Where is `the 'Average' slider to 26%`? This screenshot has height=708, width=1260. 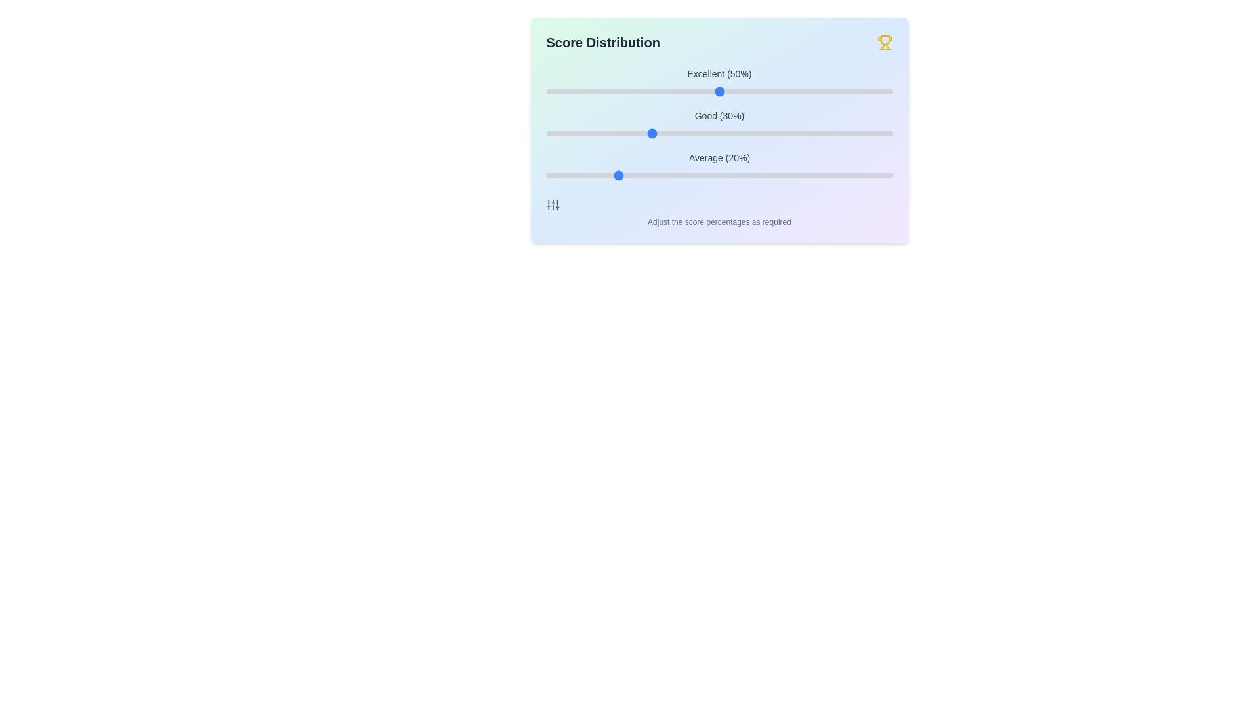
the 'Average' slider to 26% is located at coordinates (636, 174).